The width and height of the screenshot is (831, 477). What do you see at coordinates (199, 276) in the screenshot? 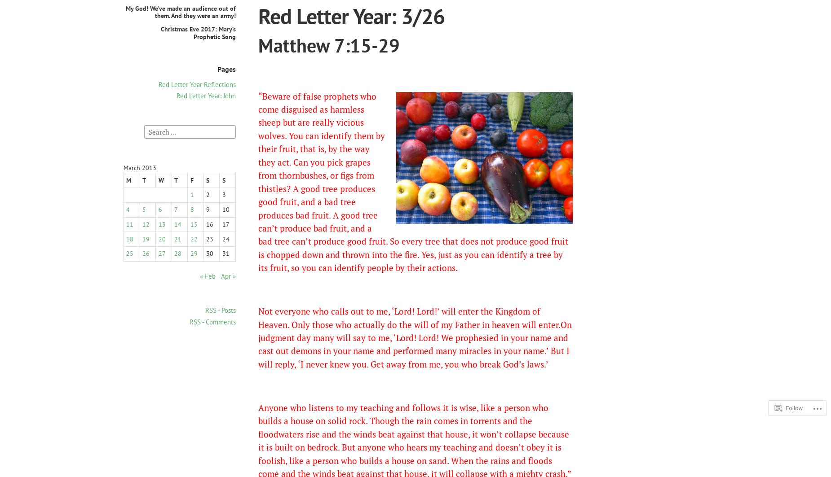
I see `'« Feb'` at bounding box center [199, 276].